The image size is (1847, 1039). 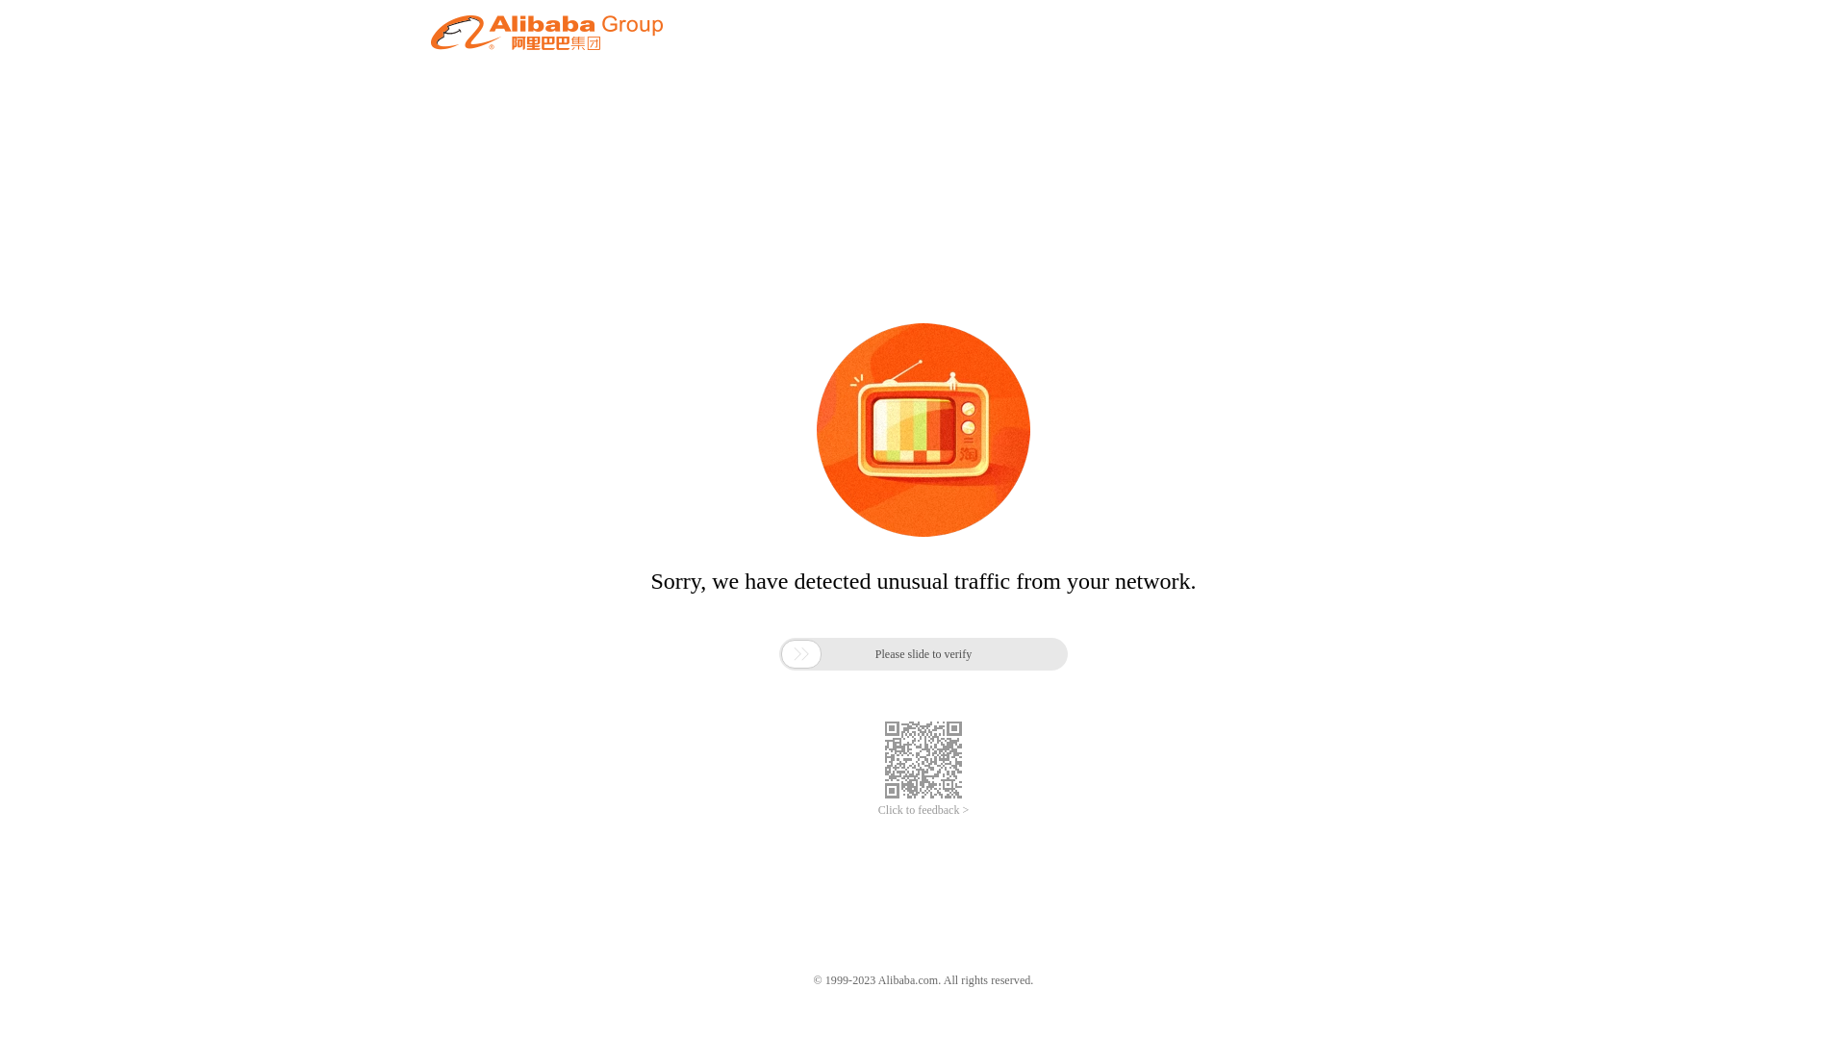 I want to click on 'Click to feedback >', so click(x=923, y=810).